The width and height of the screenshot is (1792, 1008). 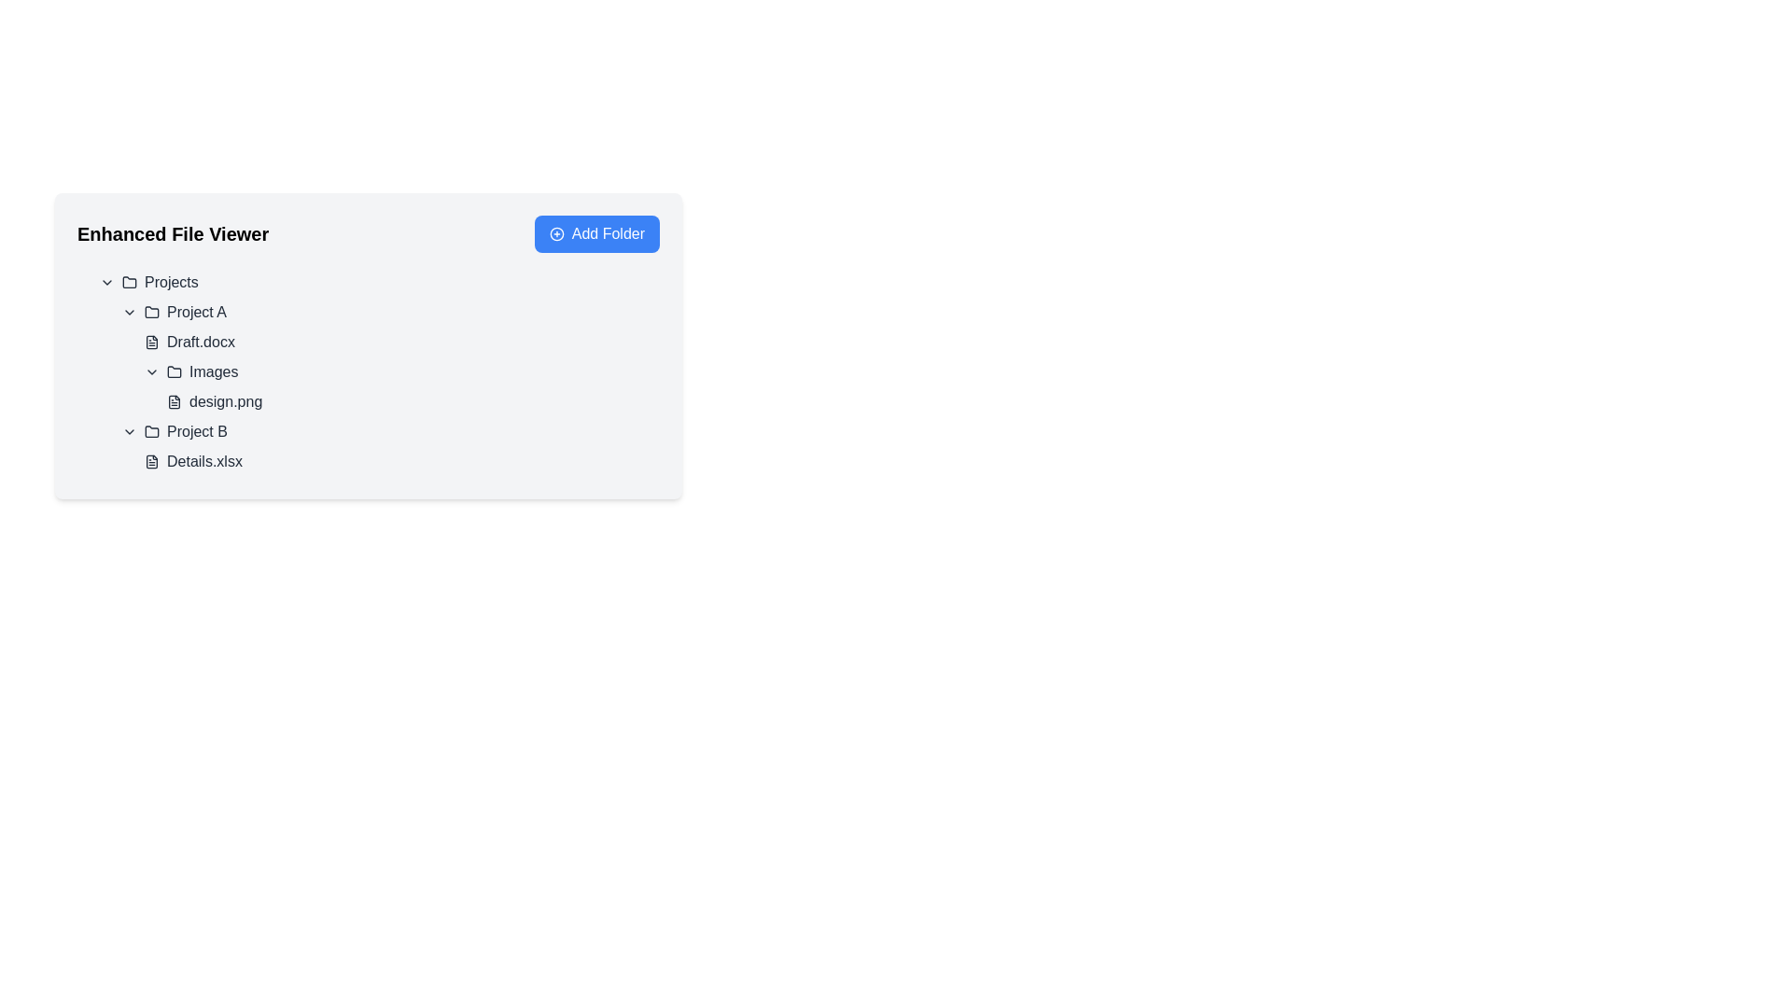 I want to click on the file icon representing 'Draft.docx', so click(x=152, y=342).